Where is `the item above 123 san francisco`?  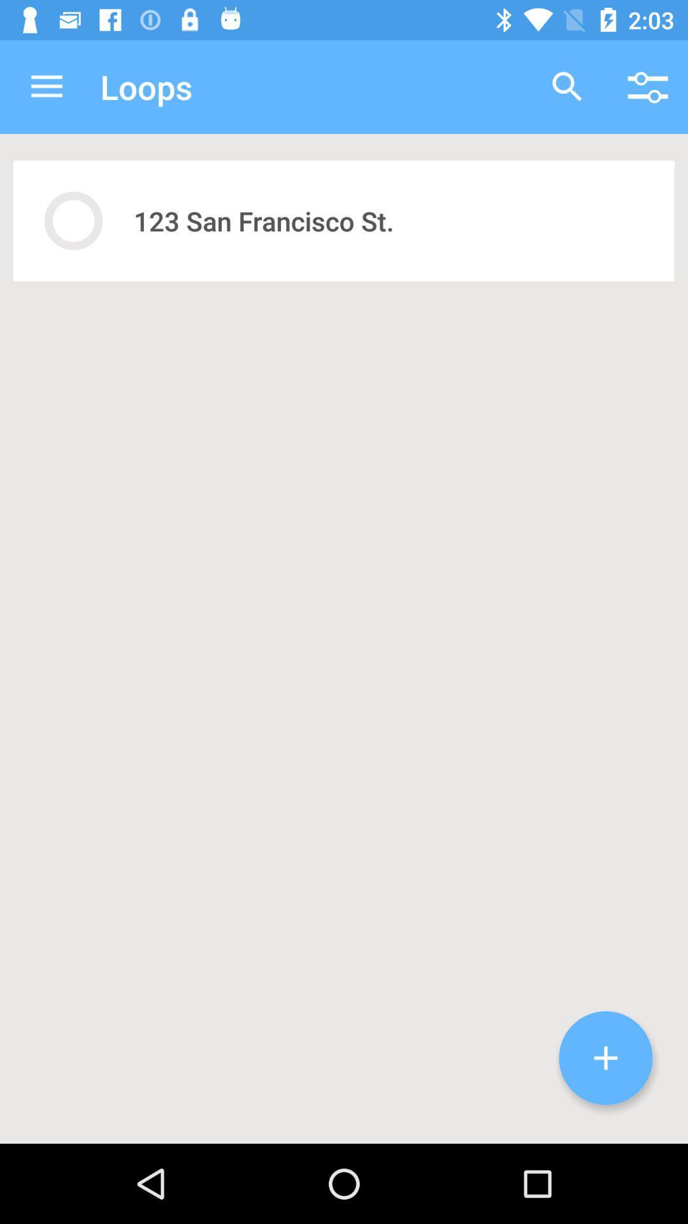 the item above 123 san francisco is located at coordinates (567, 86).